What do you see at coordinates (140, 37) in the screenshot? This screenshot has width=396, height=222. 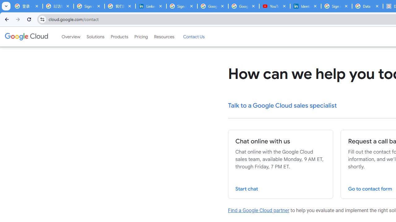 I see `'Pricing'` at bounding box center [140, 37].